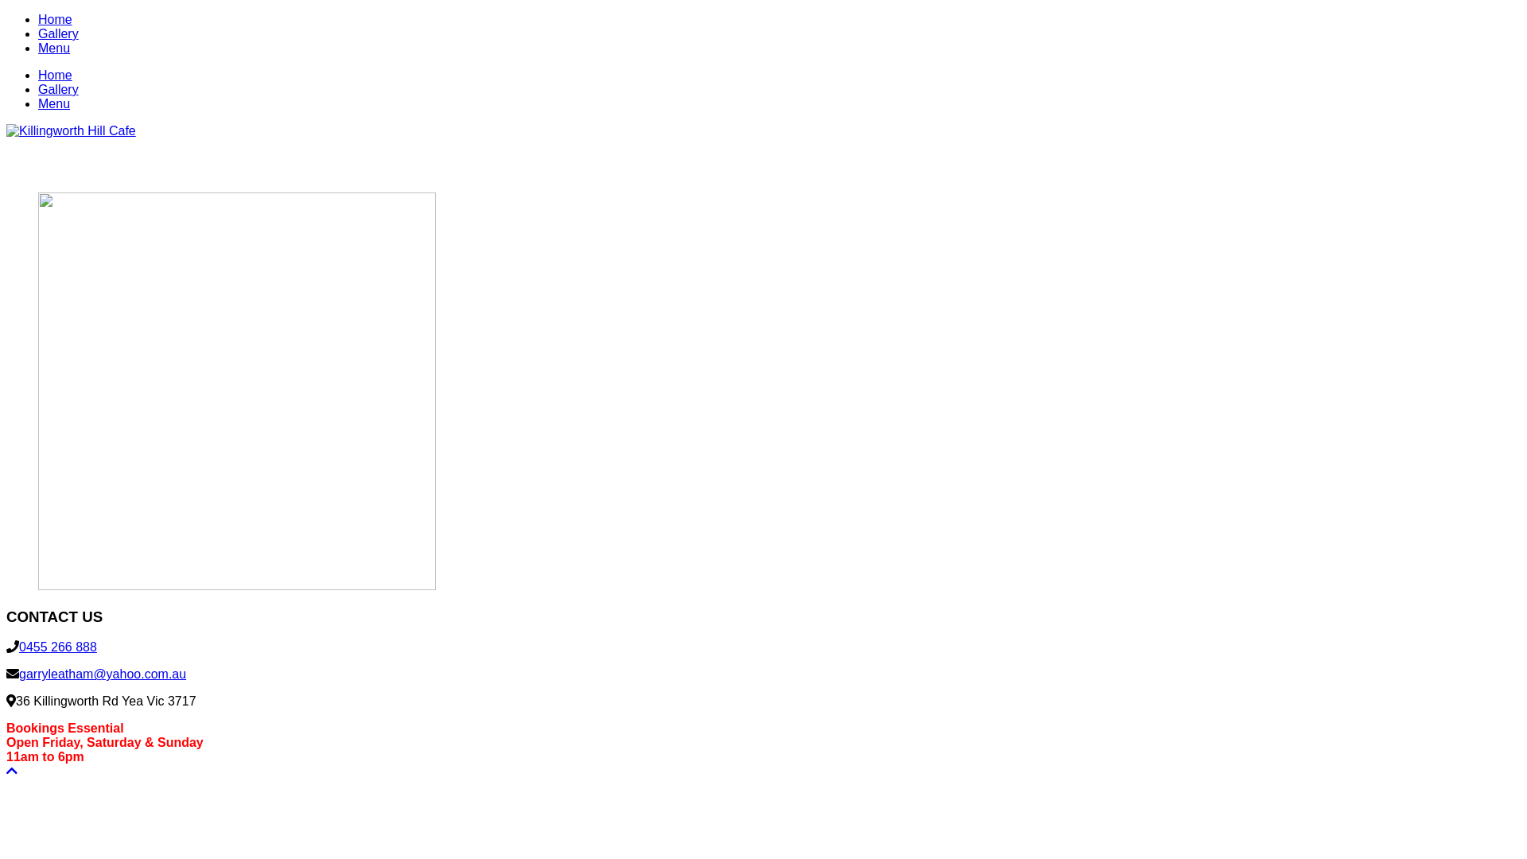  I want to click on 'Gallery', so click(58, 89).